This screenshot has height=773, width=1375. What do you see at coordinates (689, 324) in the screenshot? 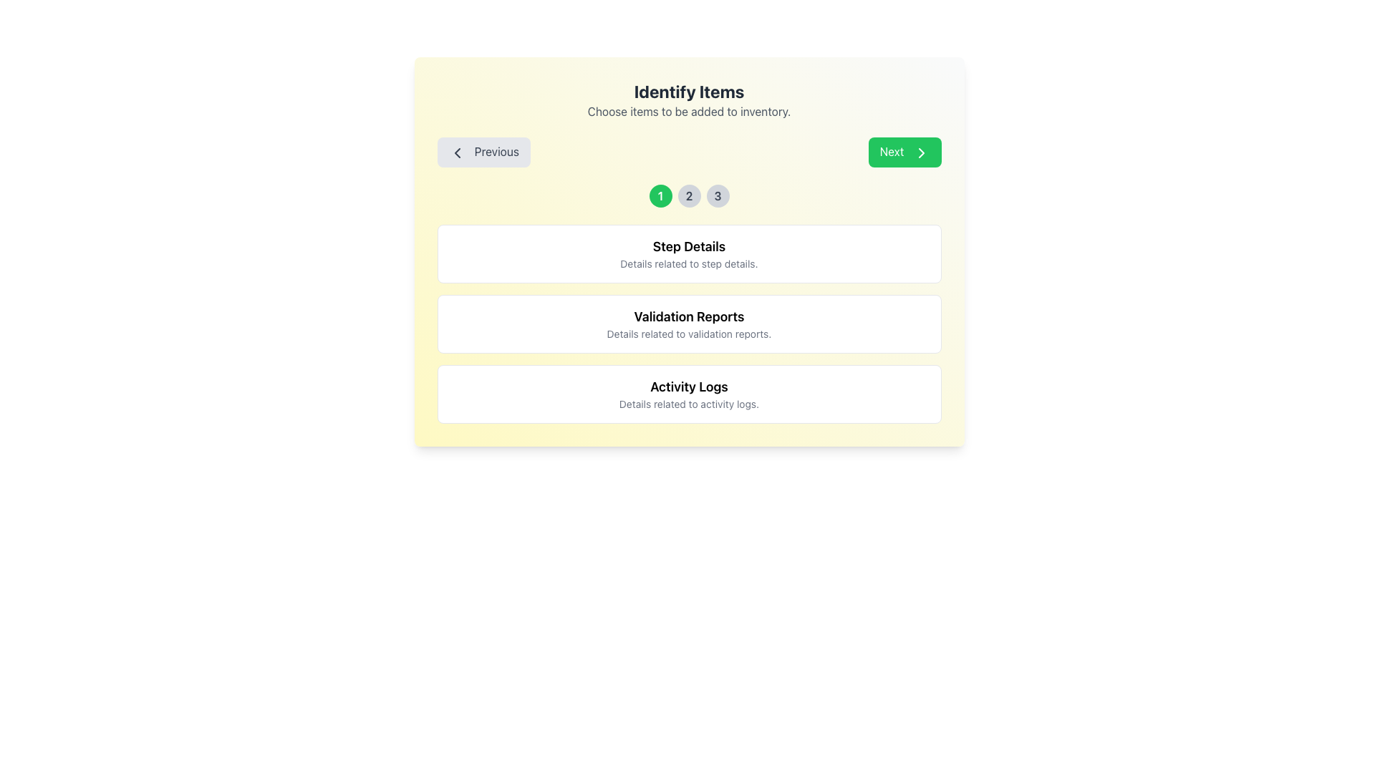
I see `the static content section labeled 'Validation Reports', which provides information about validation reports and is the second item under the 'Identify Items' section` at bounding box center [689, 324].